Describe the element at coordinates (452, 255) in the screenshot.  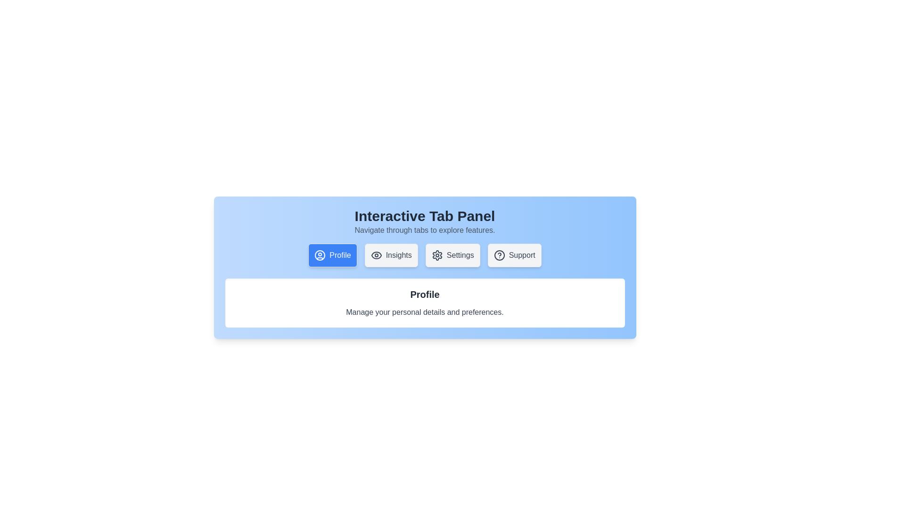
I see `the tab labeled Settings to observe its hover effect` at that location.